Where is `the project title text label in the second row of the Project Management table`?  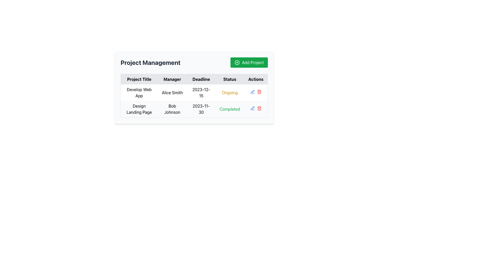 the project title text label in the second row of the Project Management table is located at coordinates (139, 109).